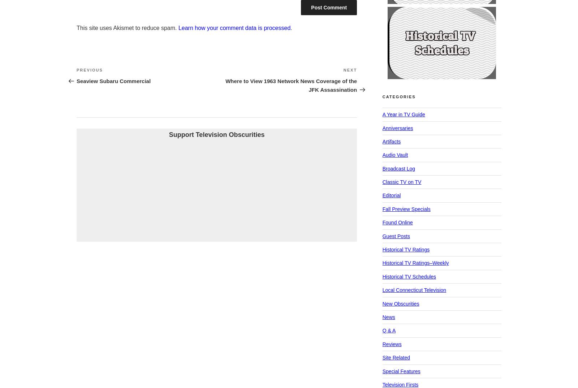 The height and width of the screenshot is (388, 578). I want to click on 'Learn how your comment data is processed', so click(234, 27).